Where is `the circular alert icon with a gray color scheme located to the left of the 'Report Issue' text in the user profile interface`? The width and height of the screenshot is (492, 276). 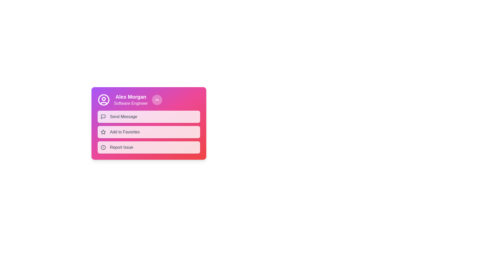
the circular alert icon with a gray color scheme located to the left of the 'Report Issue' text in the user profile interface is located at coordinates (103, 147).